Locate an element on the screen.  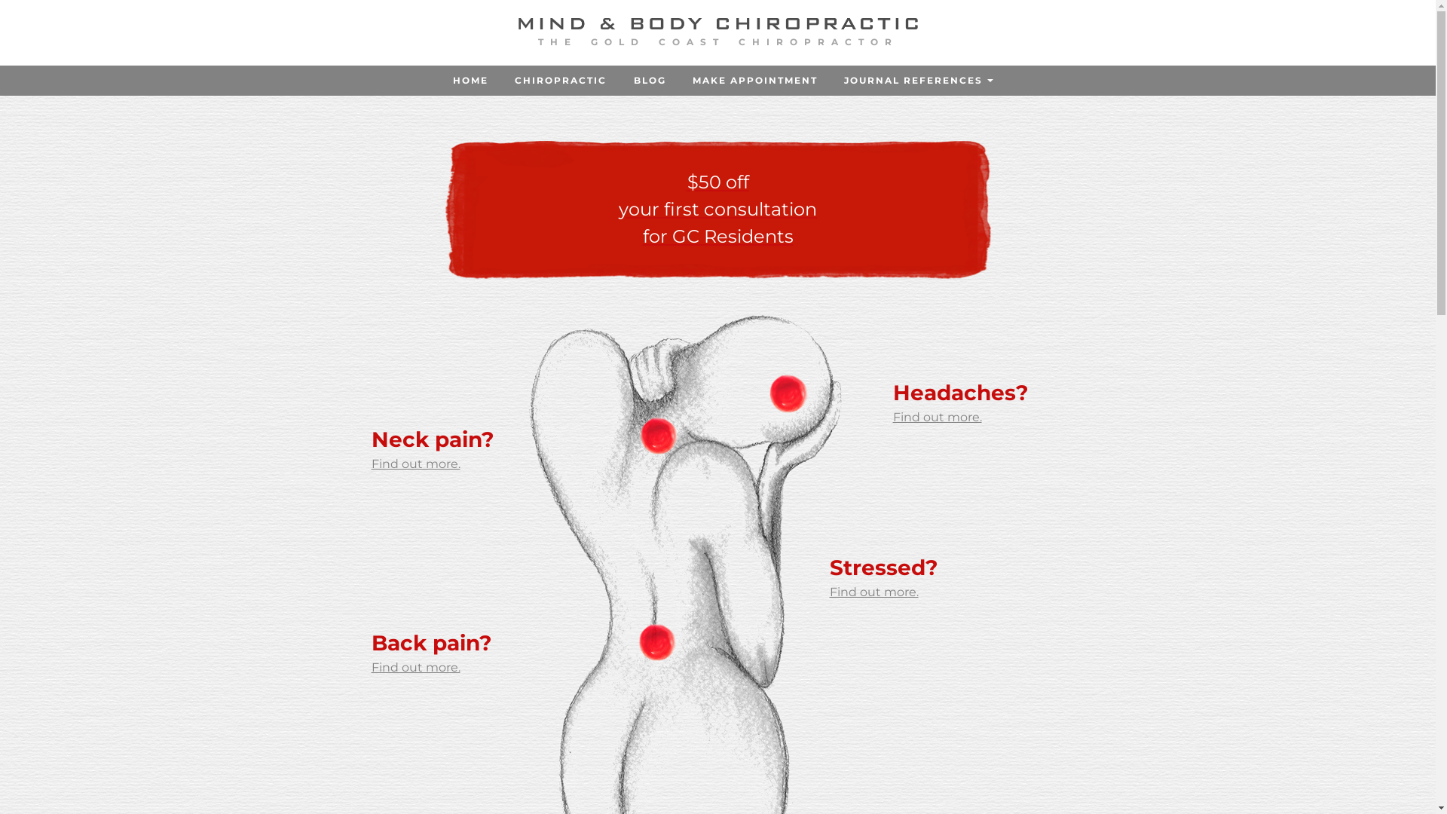
'Find out more.' is located at coordinates (415, 463).